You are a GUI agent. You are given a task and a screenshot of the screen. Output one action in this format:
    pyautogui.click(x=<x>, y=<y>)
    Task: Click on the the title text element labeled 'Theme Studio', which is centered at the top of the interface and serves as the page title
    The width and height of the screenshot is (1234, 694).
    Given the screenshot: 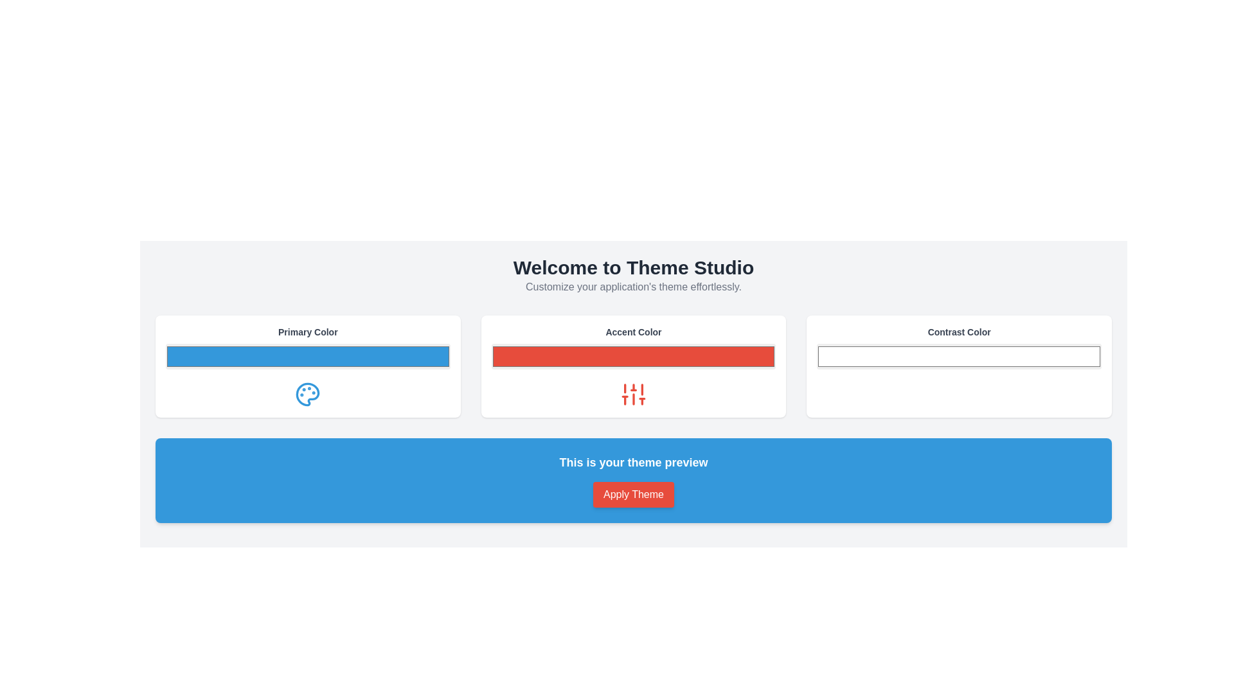 What is the action you would take?
    pyautogui.click(x=633, y=267)
    